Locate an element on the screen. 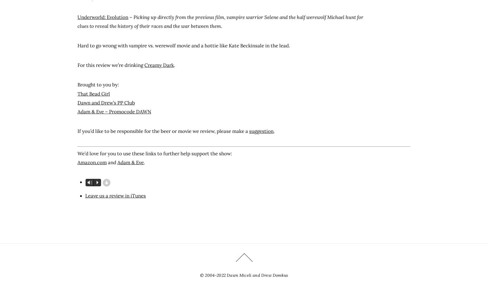 This screenshot has height=304, width=488. 'P' is located at coordinates (96, 183).